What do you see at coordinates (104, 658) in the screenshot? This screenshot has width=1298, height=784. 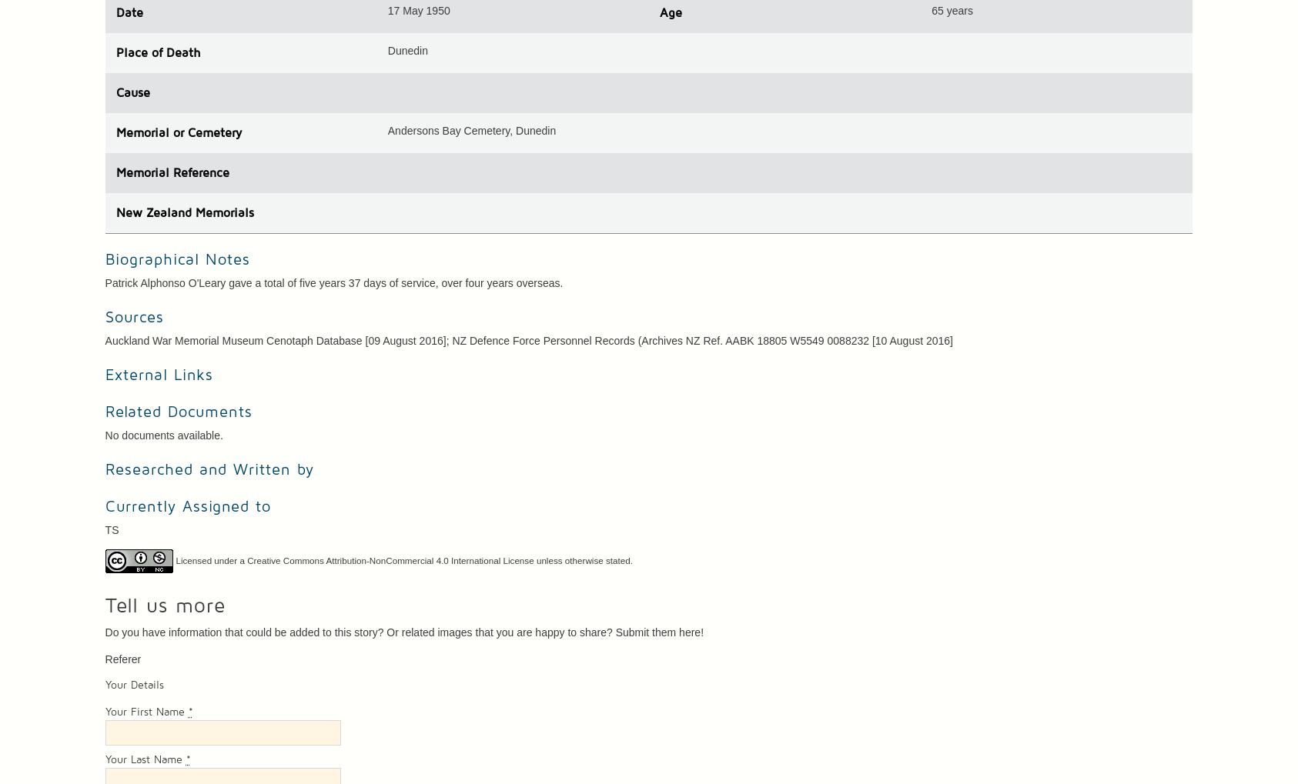 I see `'Referer'` at bounding box center [104, 658].